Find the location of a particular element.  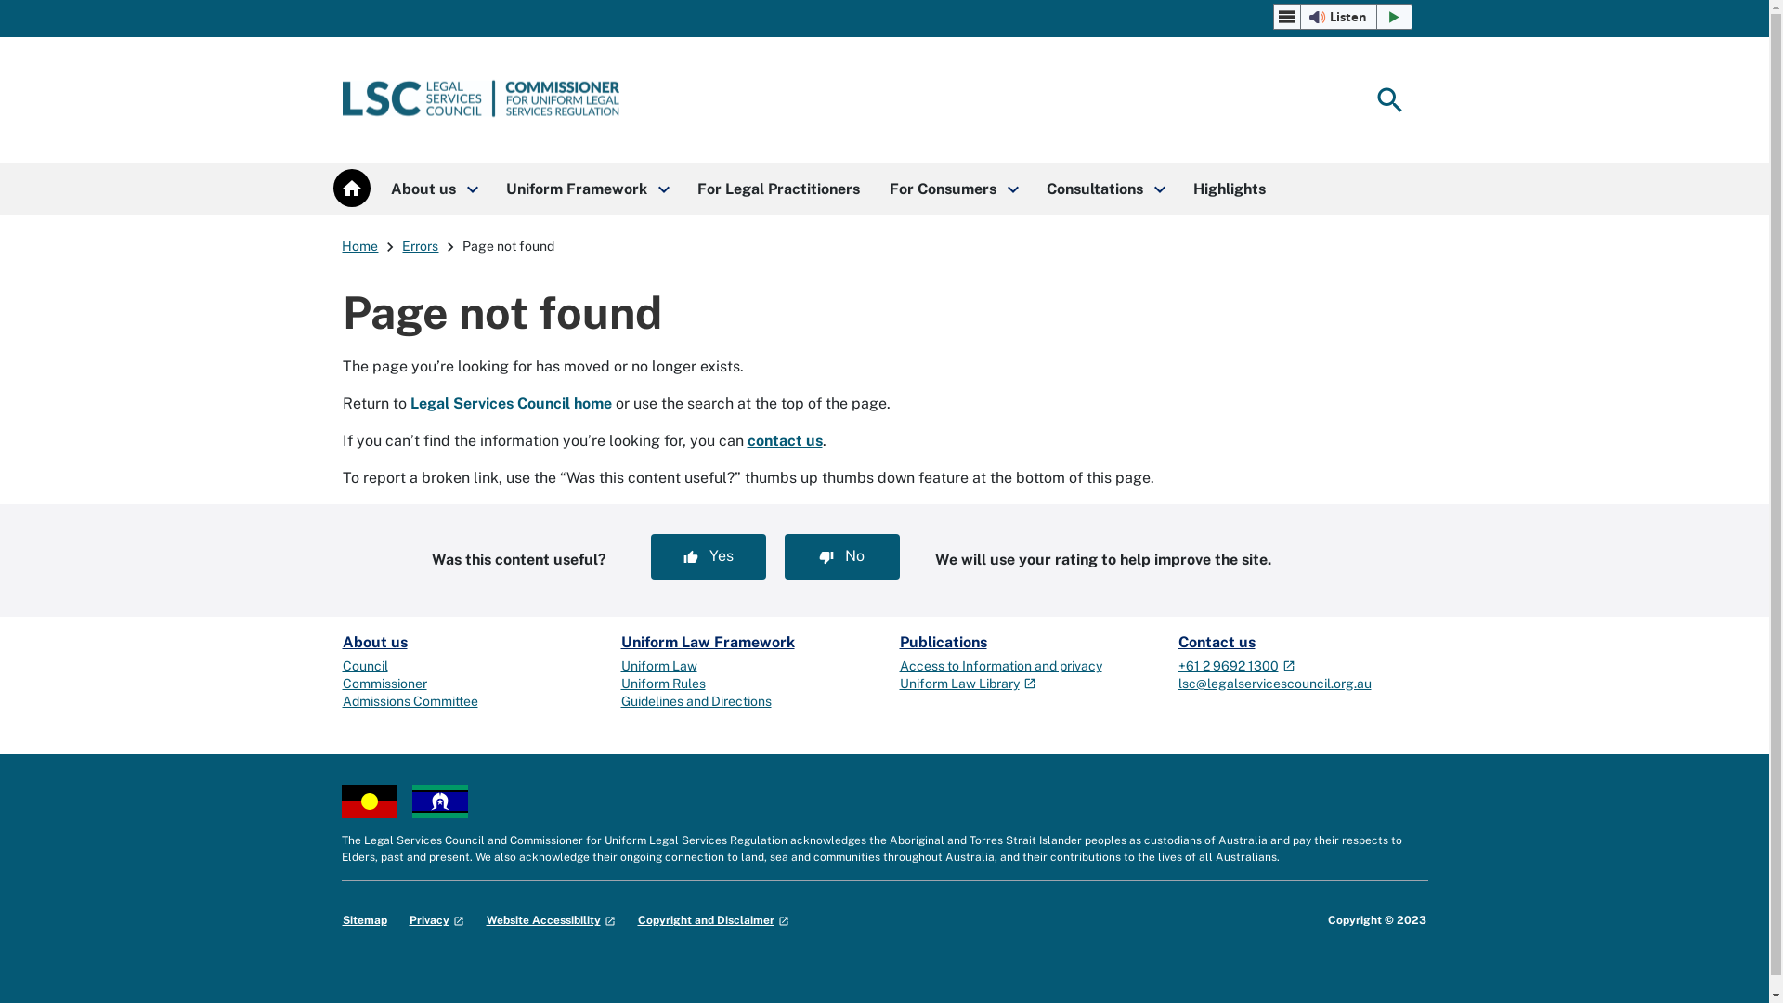

'The webite of Legal Services council' is located at coordinates (481, 100).